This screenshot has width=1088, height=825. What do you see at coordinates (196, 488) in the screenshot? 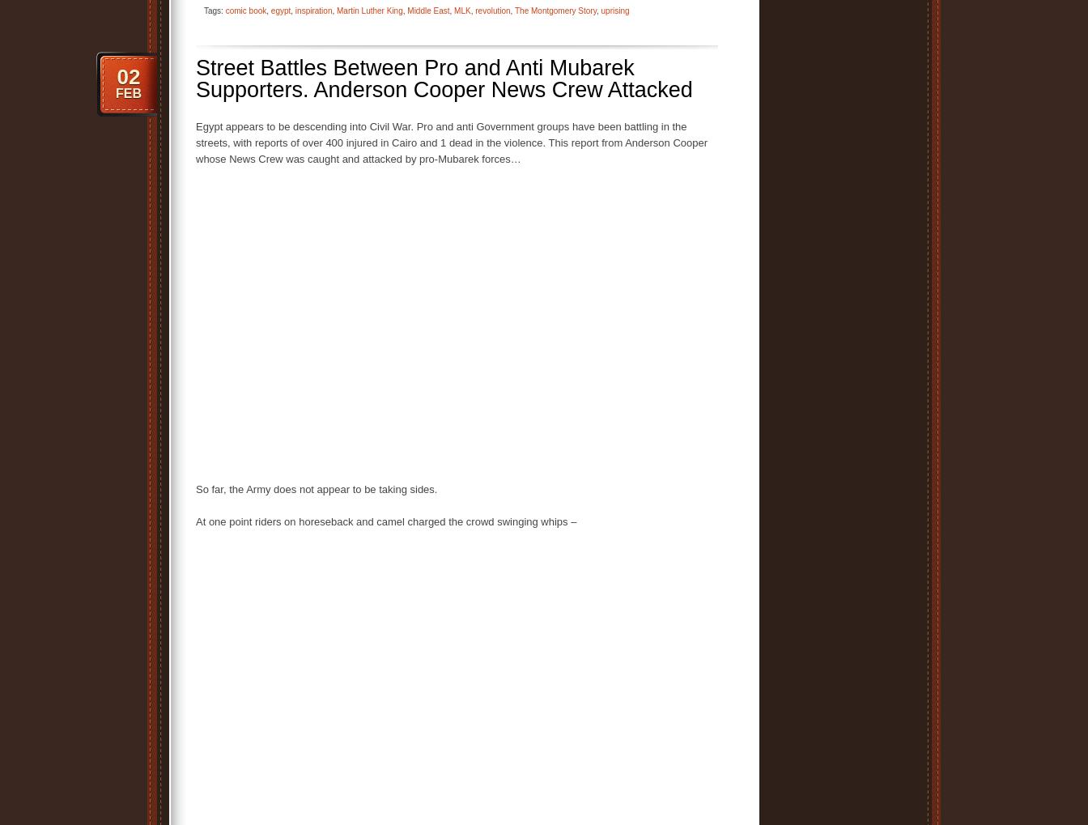
I see `'So far, the Army does not appear to be taking sides.'` at bounding box center [196, 488].